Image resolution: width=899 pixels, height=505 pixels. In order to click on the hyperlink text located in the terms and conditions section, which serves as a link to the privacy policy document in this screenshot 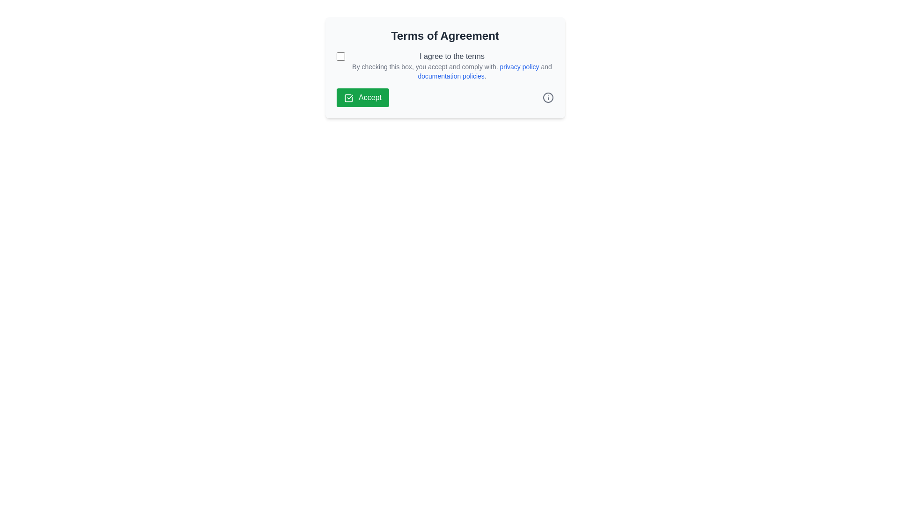, I will do `click(518, 66)`.